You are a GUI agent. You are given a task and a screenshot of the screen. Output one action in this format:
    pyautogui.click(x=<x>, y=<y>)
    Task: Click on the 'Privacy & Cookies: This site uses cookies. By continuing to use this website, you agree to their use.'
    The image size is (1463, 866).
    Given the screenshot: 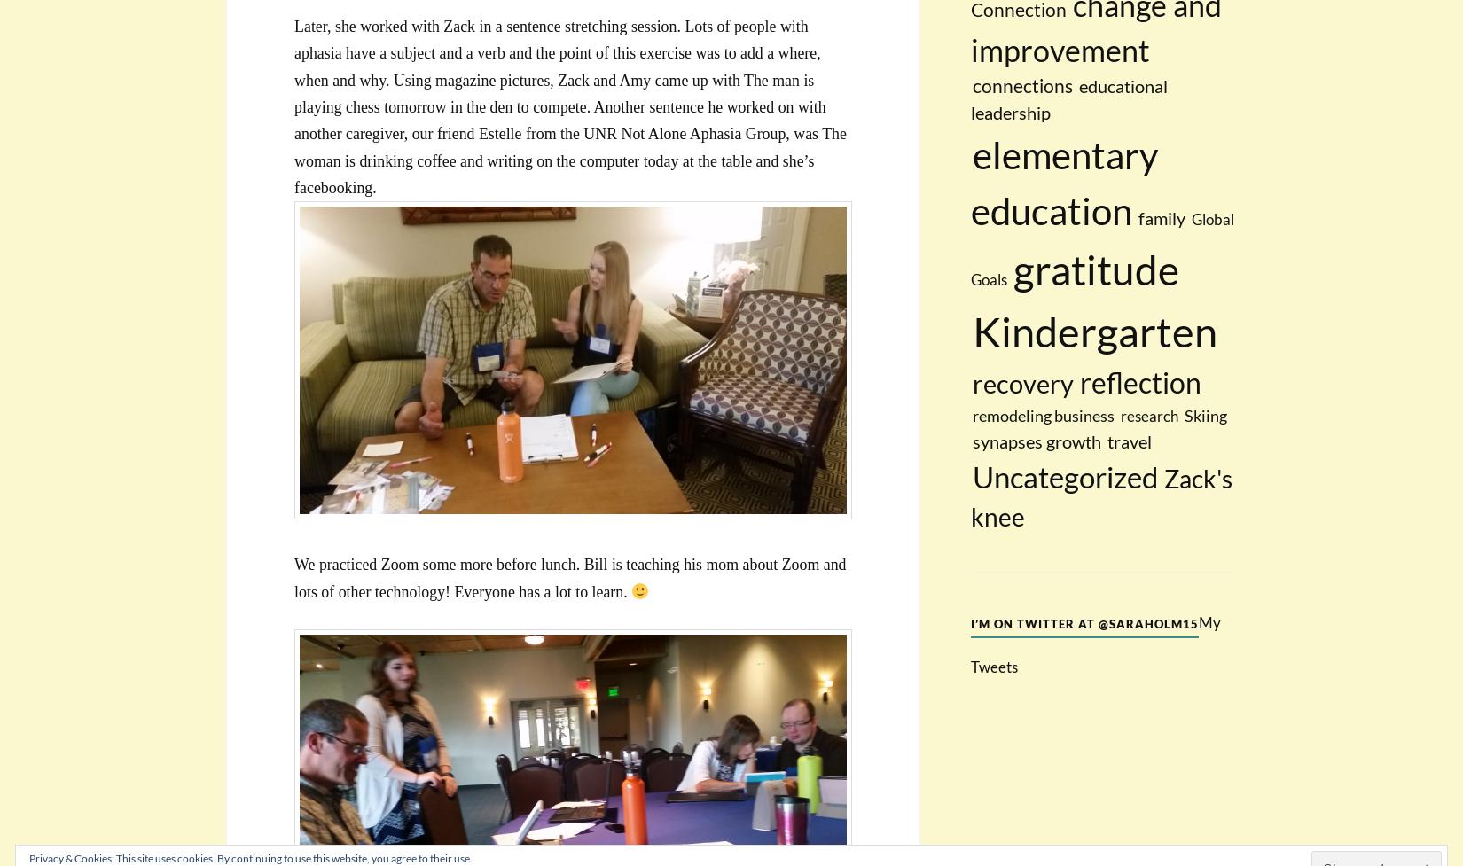 What is the action you would take?
    pyautogui.click(x=250, y=857)
    